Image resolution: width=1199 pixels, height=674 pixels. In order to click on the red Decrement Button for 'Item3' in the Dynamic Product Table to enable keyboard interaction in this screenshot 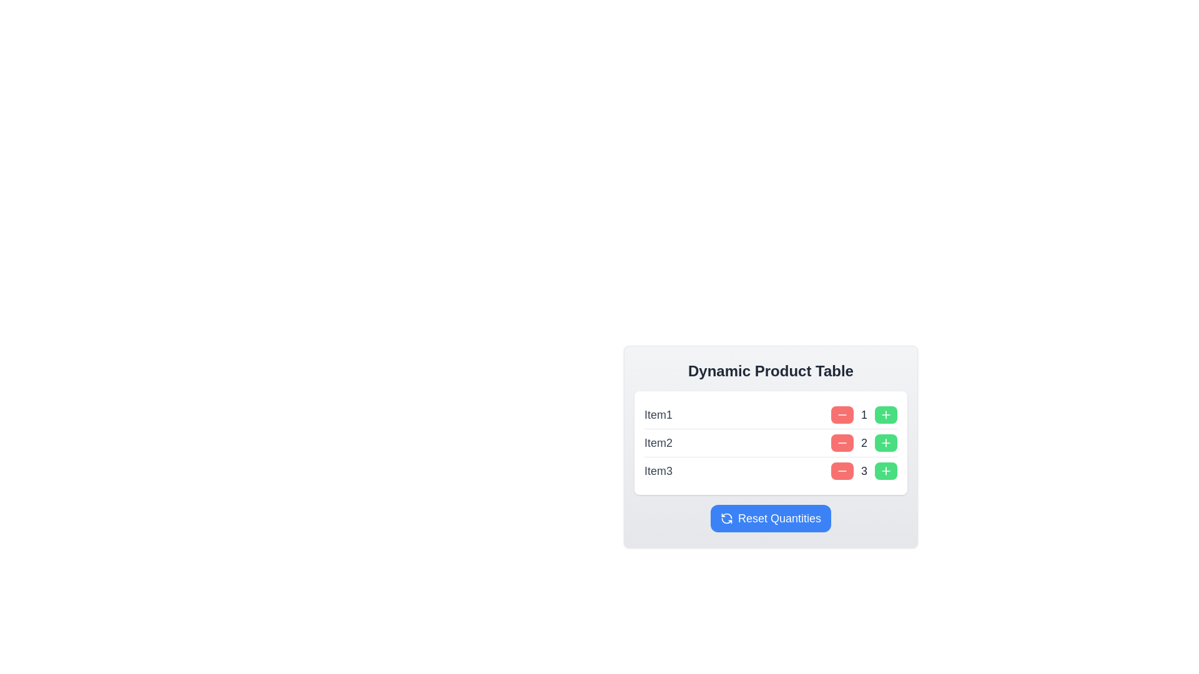, I will do `click(842, 471)`.